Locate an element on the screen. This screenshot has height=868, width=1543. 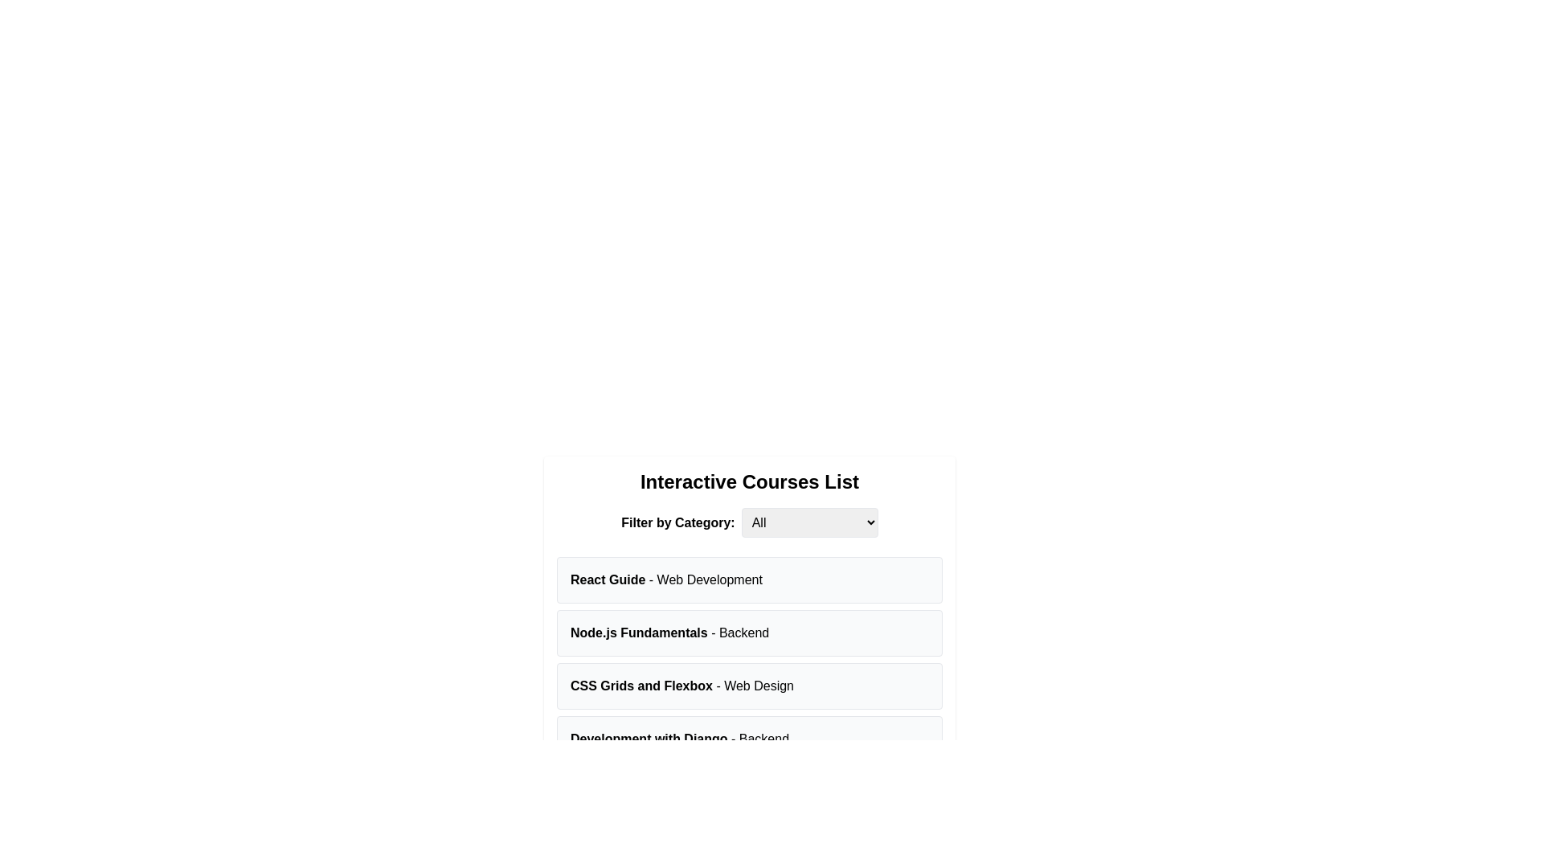
the third item in the 'Interactive Courses List', which is a rectangular block styled with a gray background and contains course titles and descriptions is located at coordinates (748, 660).